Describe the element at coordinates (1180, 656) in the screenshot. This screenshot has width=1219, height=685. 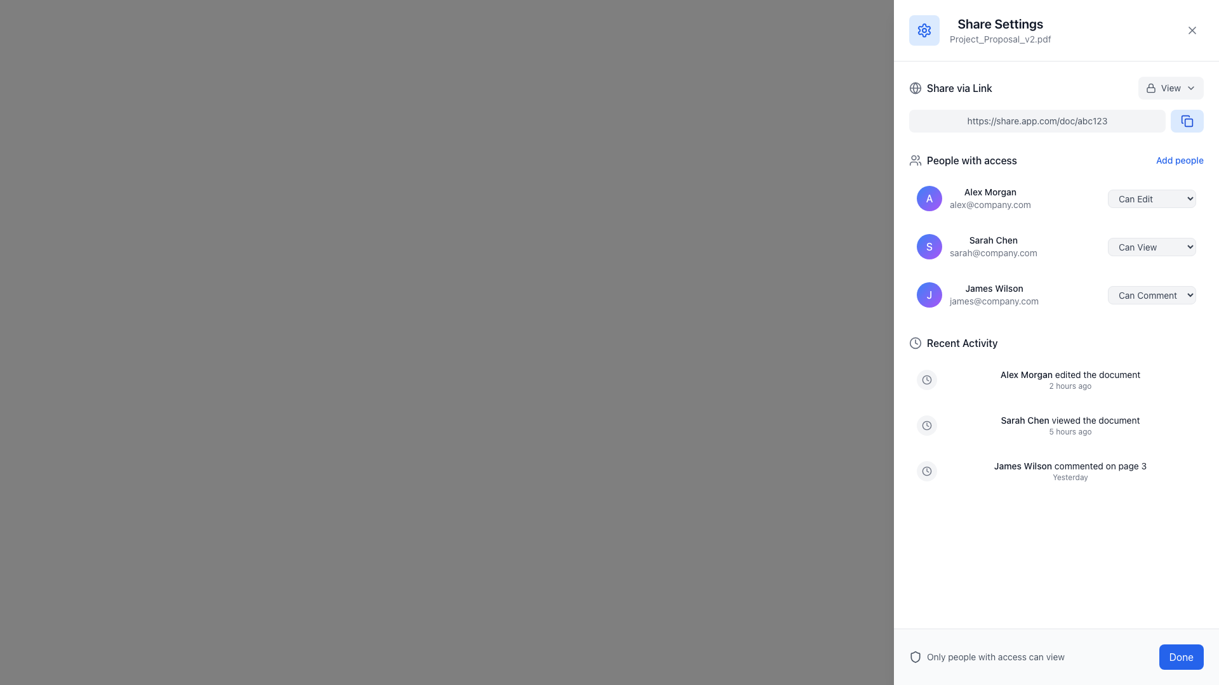
I see `the 'Done' button located at the bottom-right corner of the interface to finalize the current settings and exit the dialog` at that location.